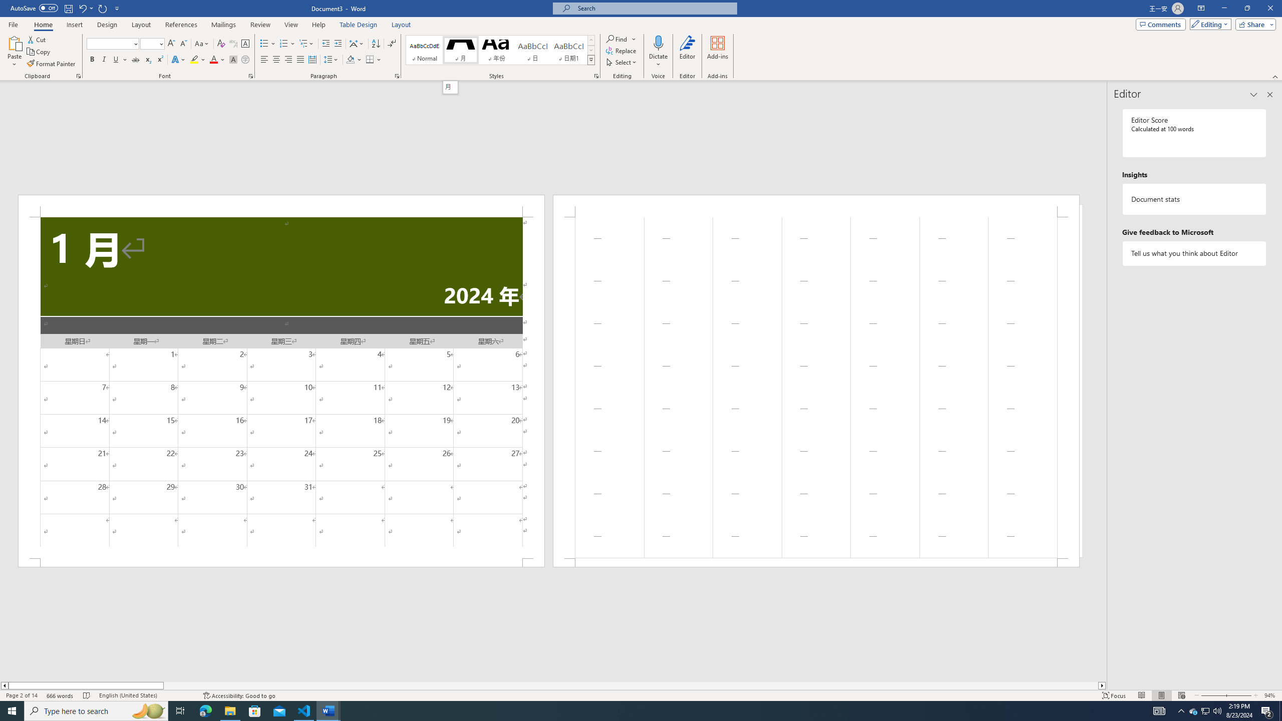 Image resolution: width=1282 pixels, height=721 pixels. Describe the element at coordinates (351, 59) in the screenshot. I see `'Shading RGB(0, 0, 0)'` at that location.